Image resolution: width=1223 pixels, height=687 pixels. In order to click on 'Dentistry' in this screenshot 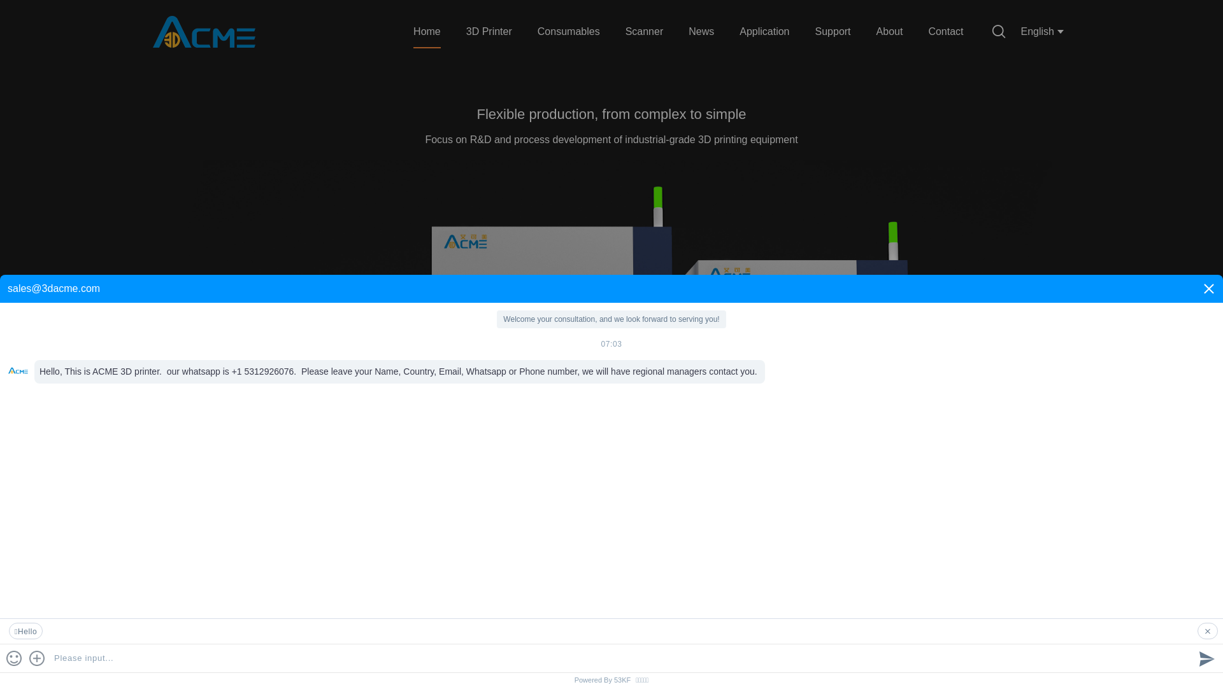, I will do `click(324, 654)`.